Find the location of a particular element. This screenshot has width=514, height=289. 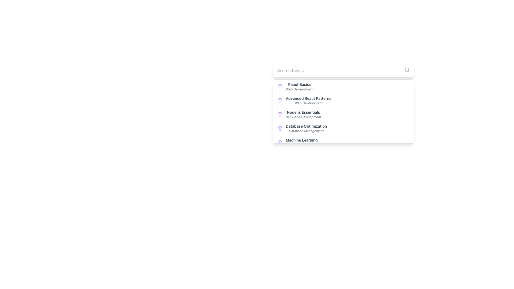

on the fourth list item labeled 'Database Optimization' is located at coordinates (306, 128).